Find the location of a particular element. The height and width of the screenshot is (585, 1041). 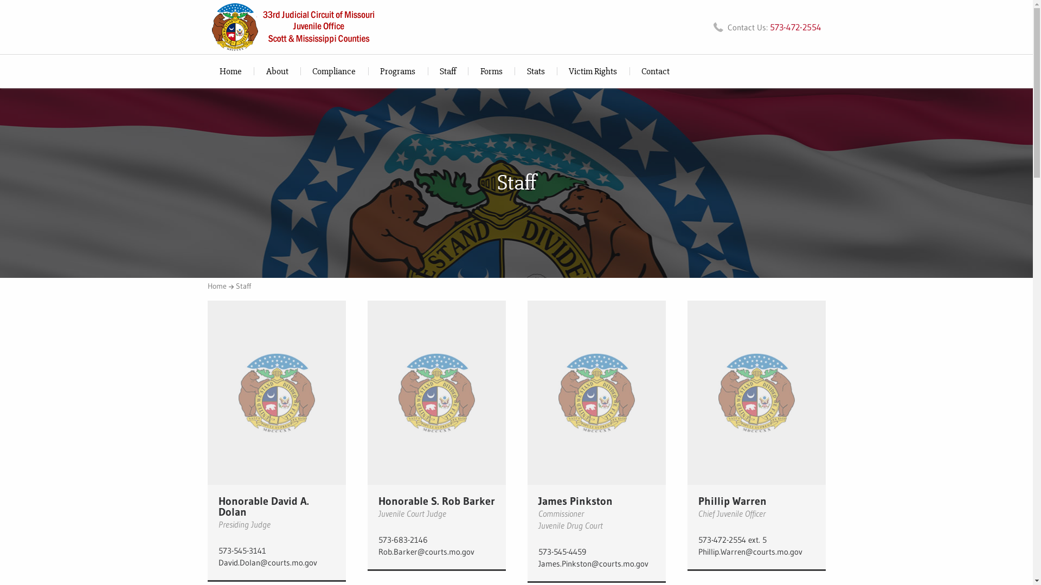

'573-472-2554 ext. 5' is located at coordinates (756, 540).